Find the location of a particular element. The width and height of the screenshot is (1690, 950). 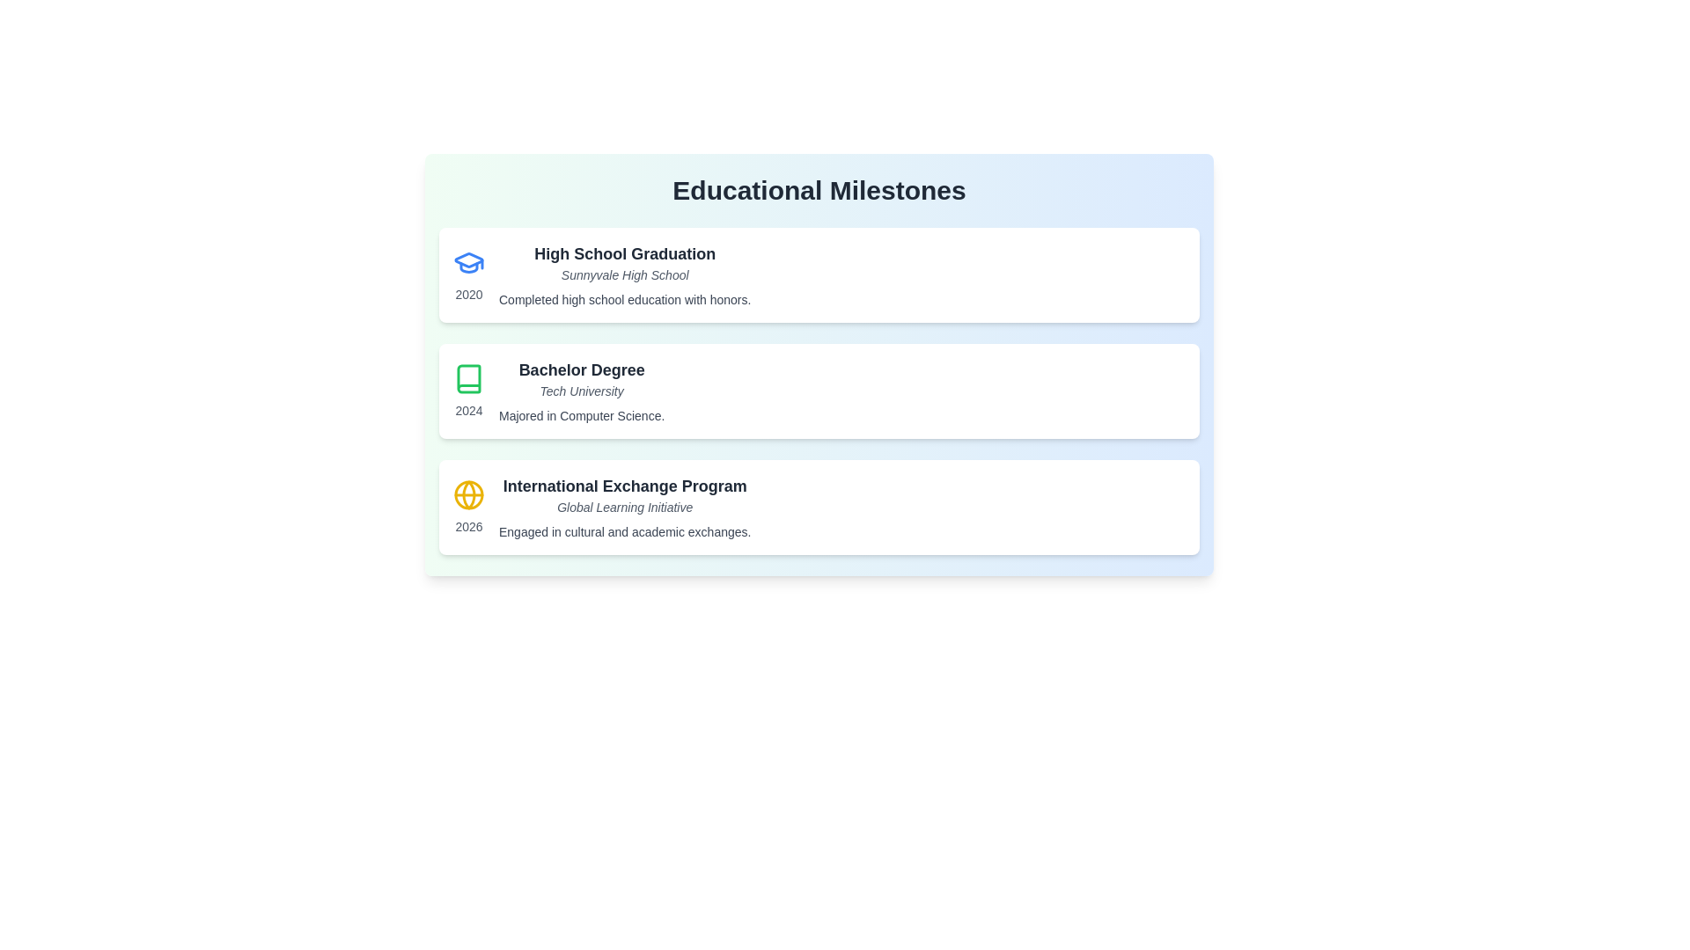

the decorative green book icon representing the 'Bachelor Degree' milestone in the SVG, which is positioned to the left of the text details is located at coordinates (468, 378).